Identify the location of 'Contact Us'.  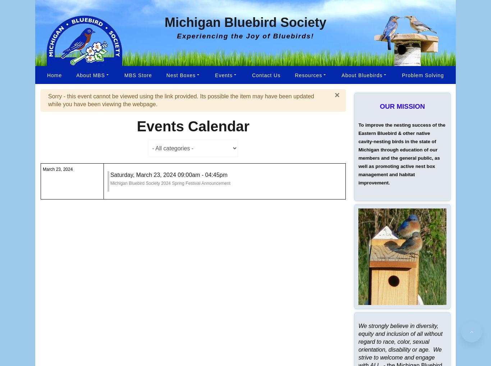
(266, 74).